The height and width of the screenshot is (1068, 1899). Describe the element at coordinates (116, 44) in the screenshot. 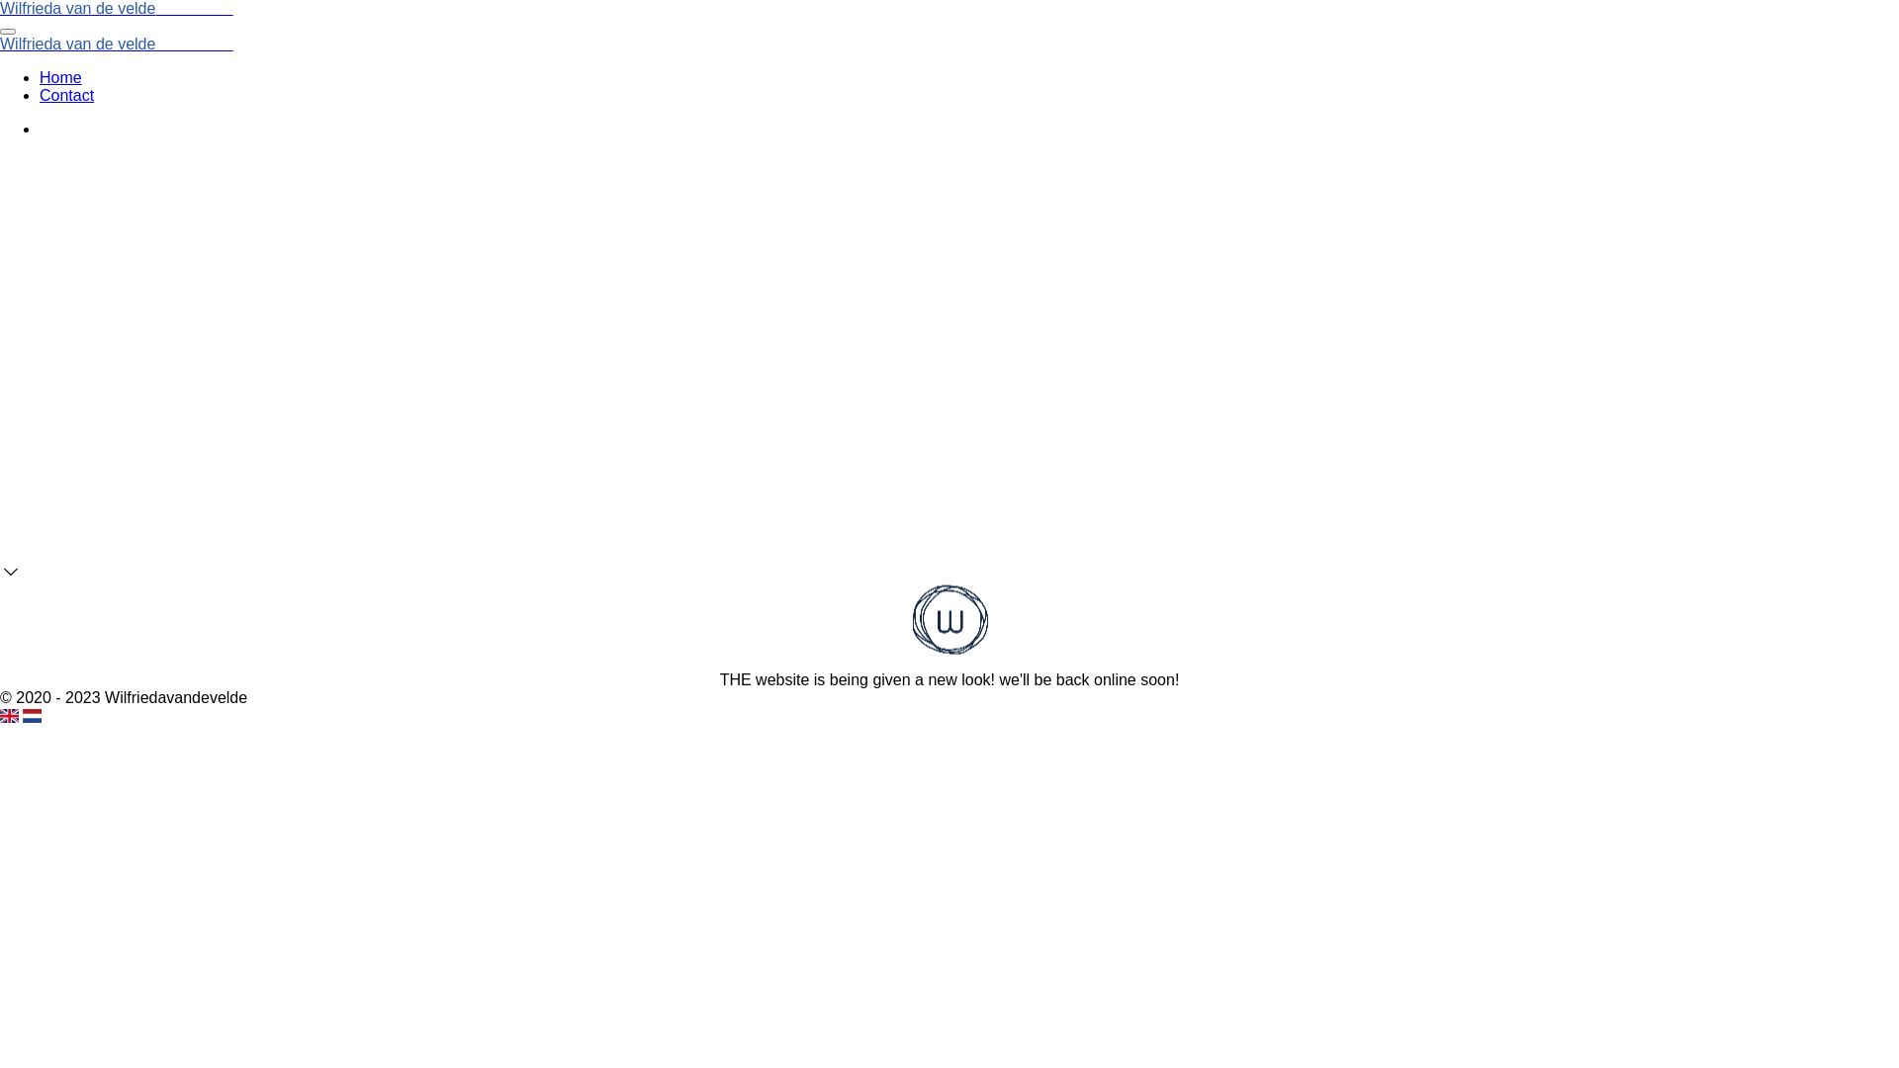

I see `'Wilfrieda van de velden De Velde'` at that location.